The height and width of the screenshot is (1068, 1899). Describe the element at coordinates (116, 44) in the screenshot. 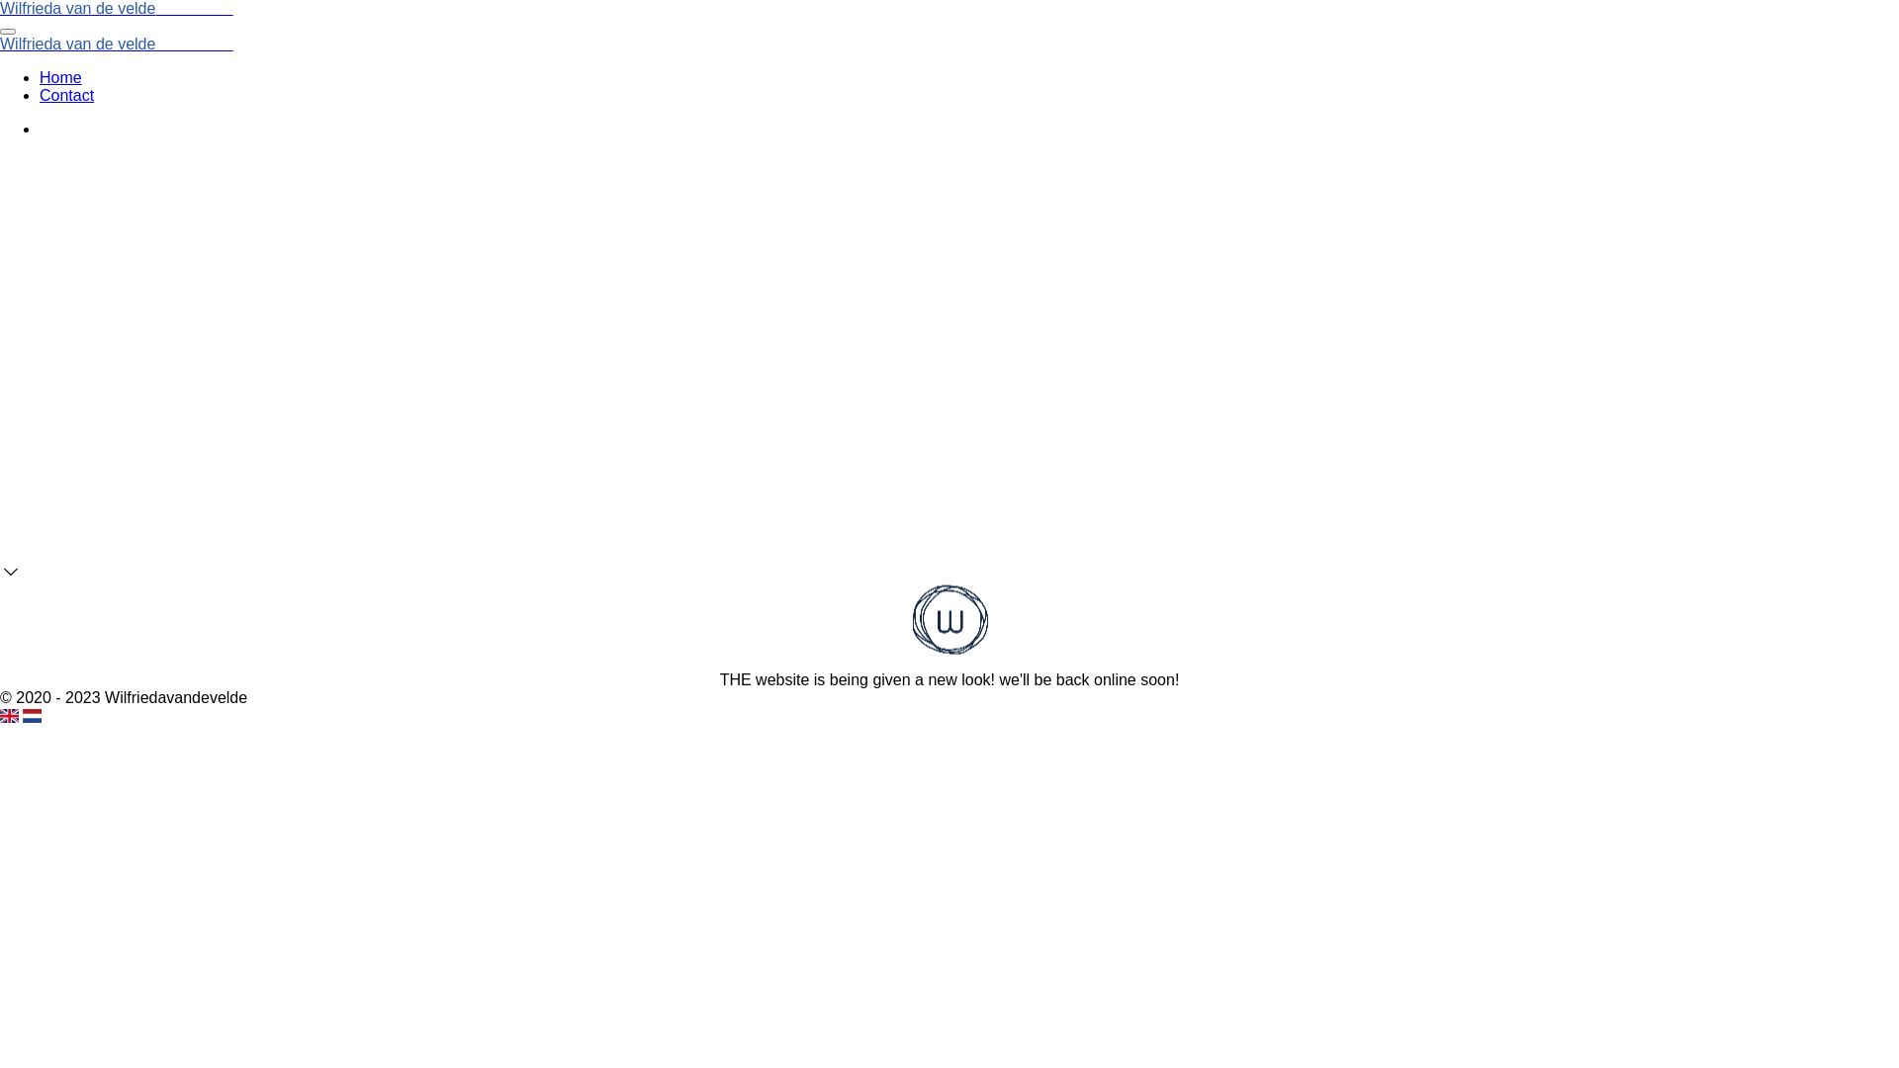

I see `'Wilfrieda van de velden De Velde'` at that location.